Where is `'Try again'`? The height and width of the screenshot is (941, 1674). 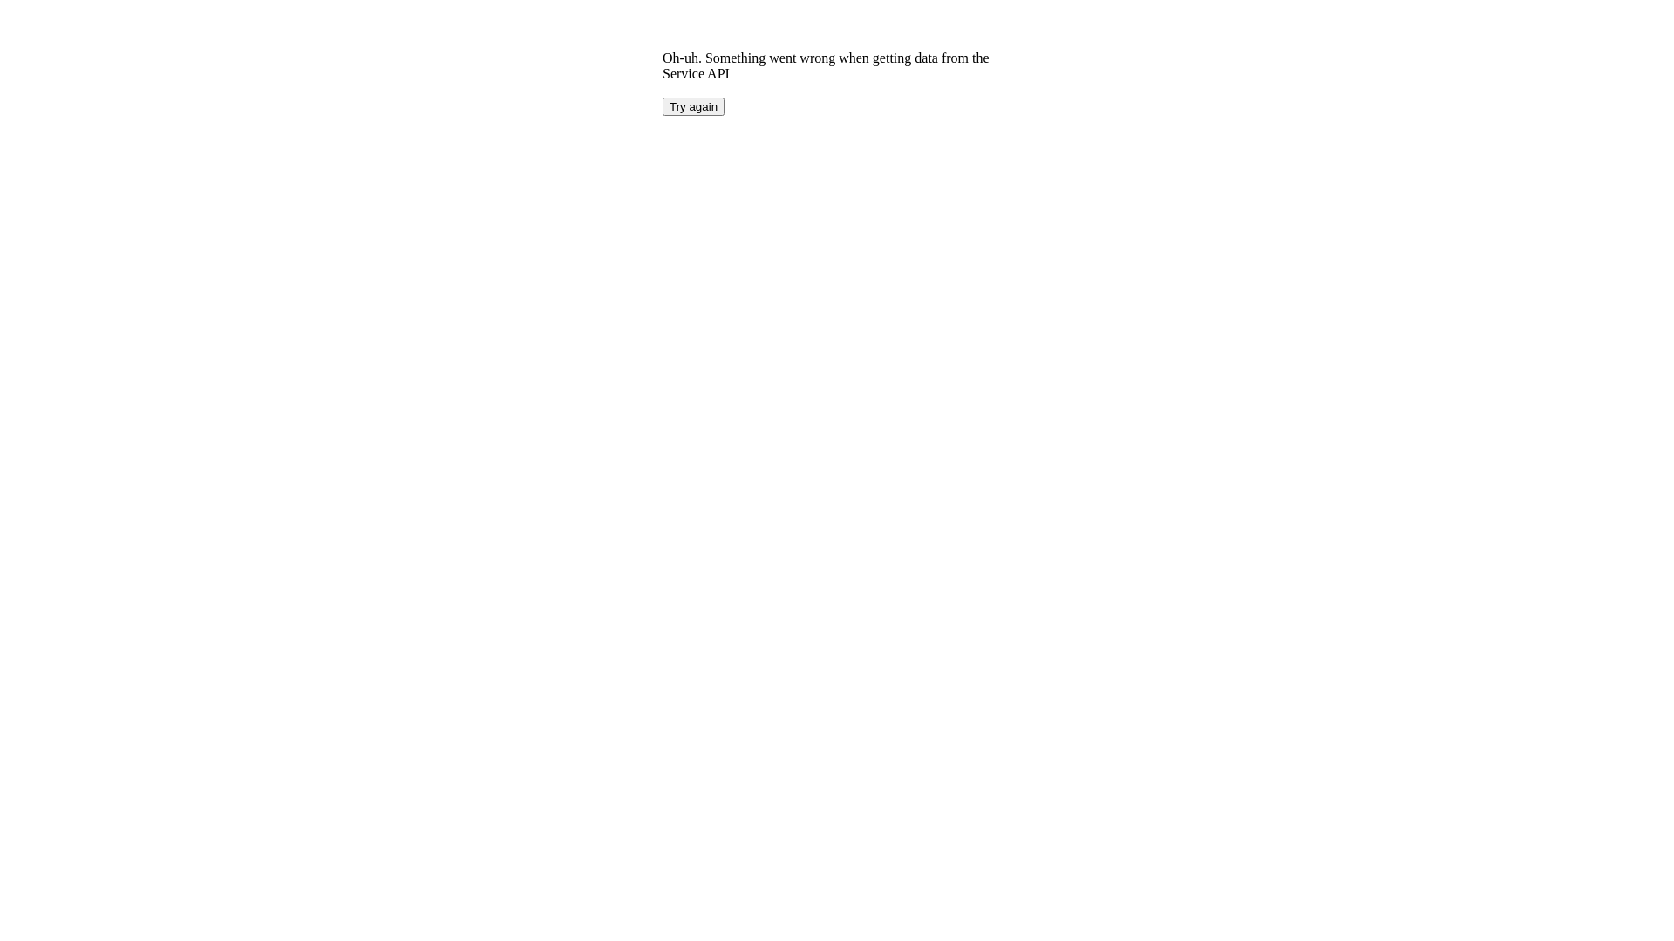
'Try again' is located at coordinates (692, 106).